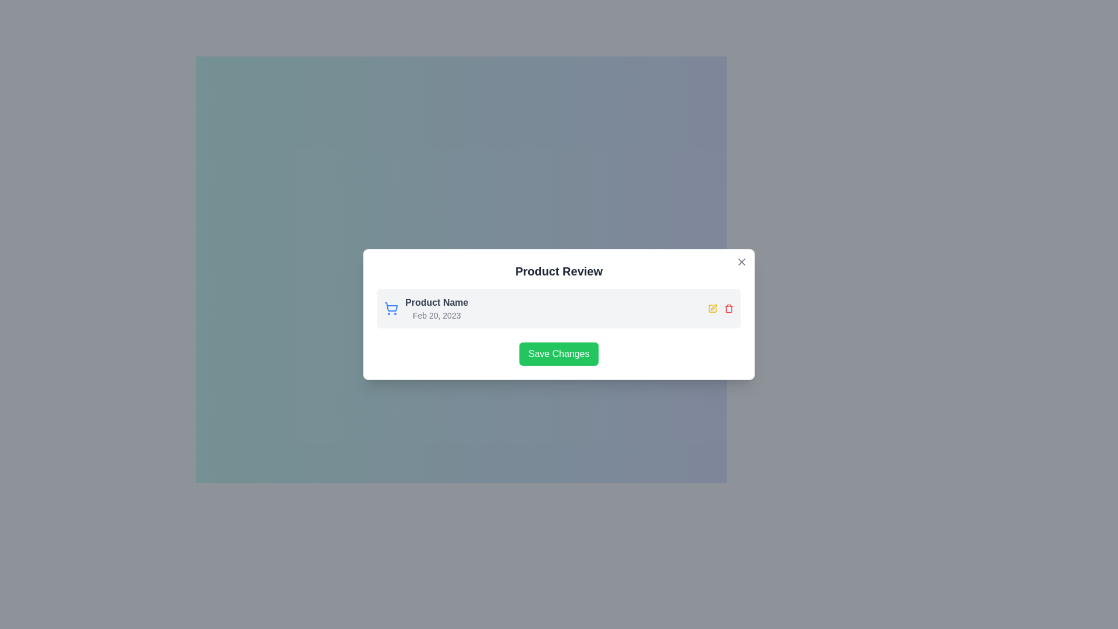  What do you see at coordinates (712, 308) in the screenshot?
I see `the edit button located to the left of the red trash bin icon, which allows users to modify or update associated content` at bounding box center [712, 308].